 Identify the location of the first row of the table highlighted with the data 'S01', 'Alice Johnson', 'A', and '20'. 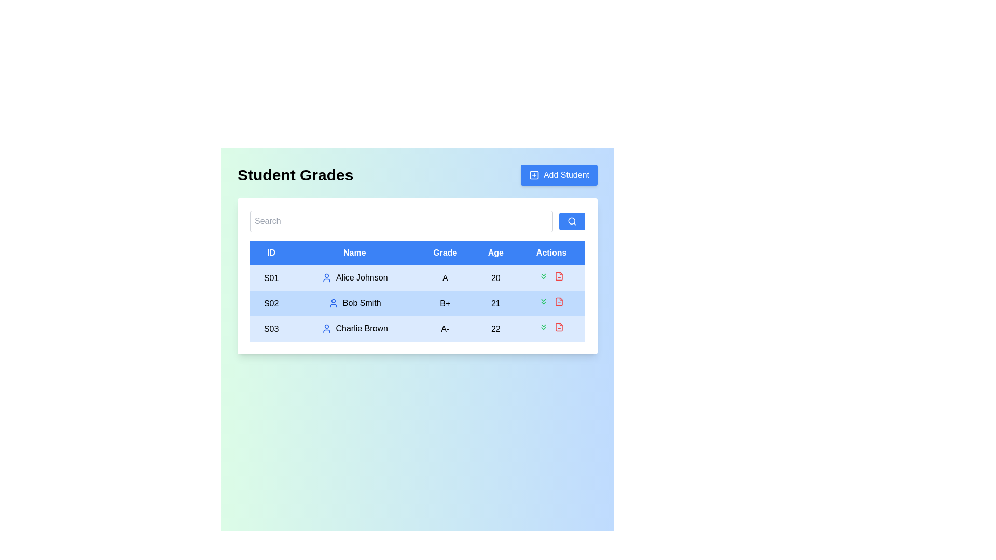
(418, 277).